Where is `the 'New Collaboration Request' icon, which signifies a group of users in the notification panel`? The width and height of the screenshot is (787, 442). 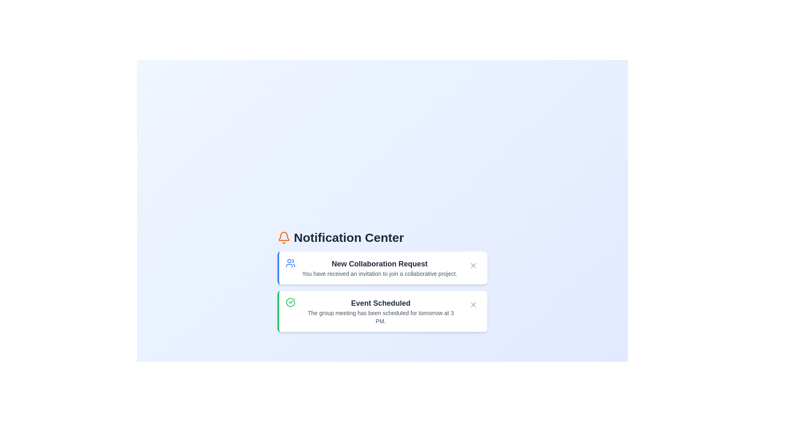
the 'New Collaboration Request' icon, which signifies a group of users in the notification panel is located at coordinates (291, 263).